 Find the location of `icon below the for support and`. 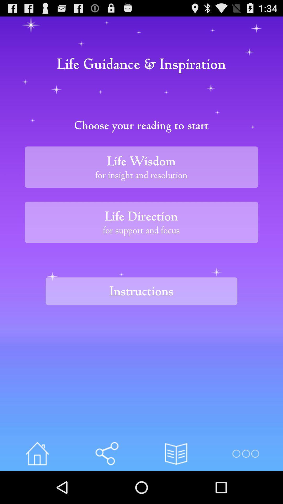

icon below the for support and is located at coordinates (141, 291).